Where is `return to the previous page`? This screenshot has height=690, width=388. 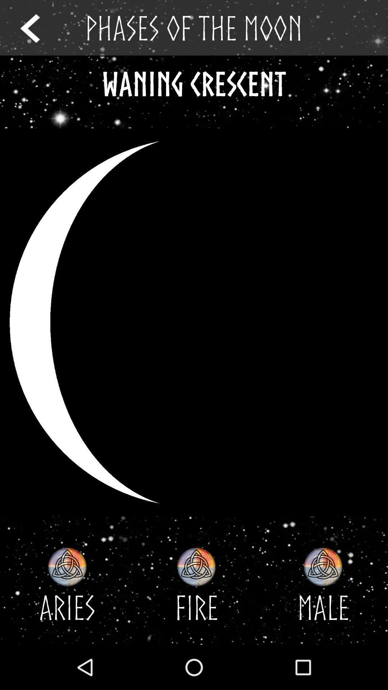 return to the previous page is located at coordinates (37, 28).